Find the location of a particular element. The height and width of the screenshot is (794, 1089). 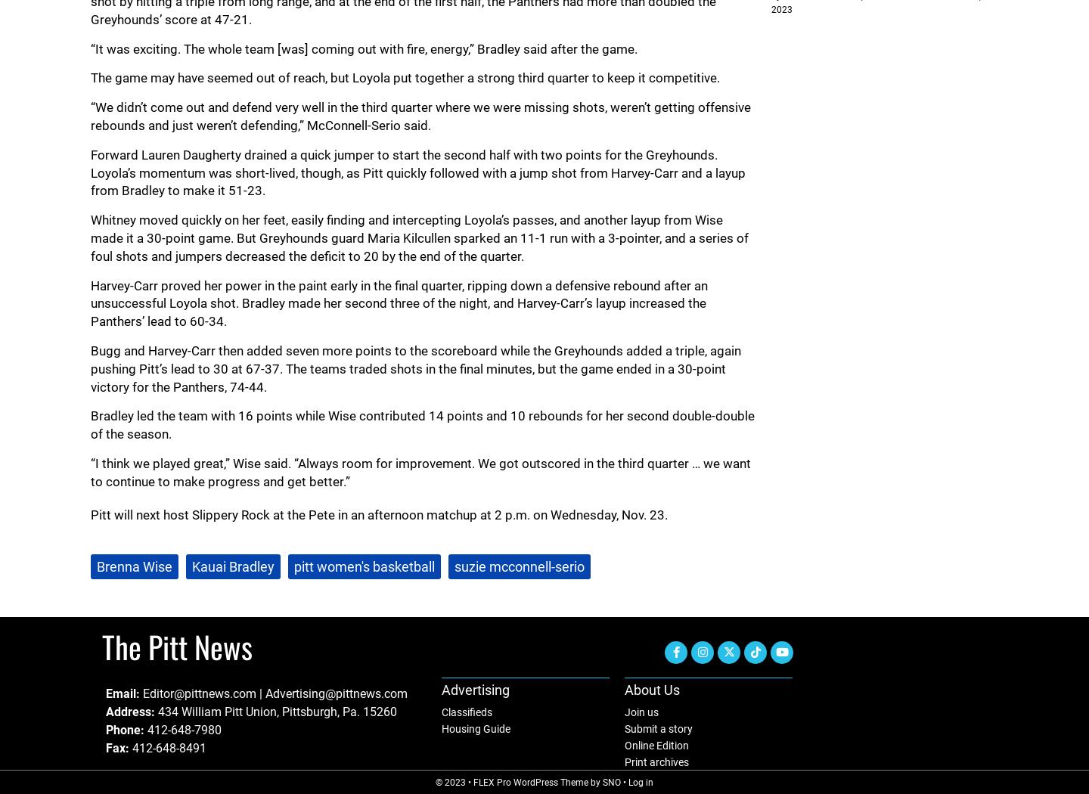

'FLEX Pro WordPress Theme' is located at coordinates (472, 781).